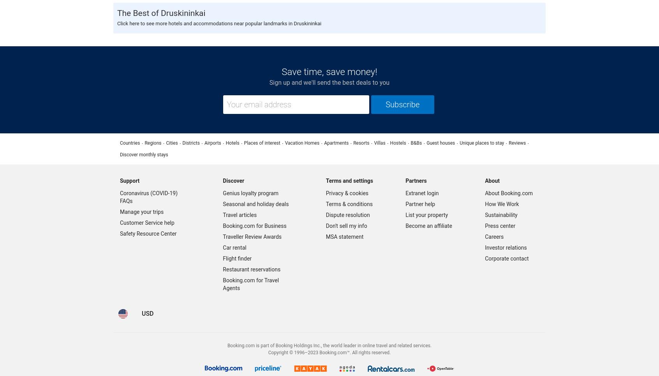 This screenshot has width=659, height=376. What do you see at coordinates (506, 258) in the screenshot?
I see `'Corporate contact'` at bounding box center [506, 258].